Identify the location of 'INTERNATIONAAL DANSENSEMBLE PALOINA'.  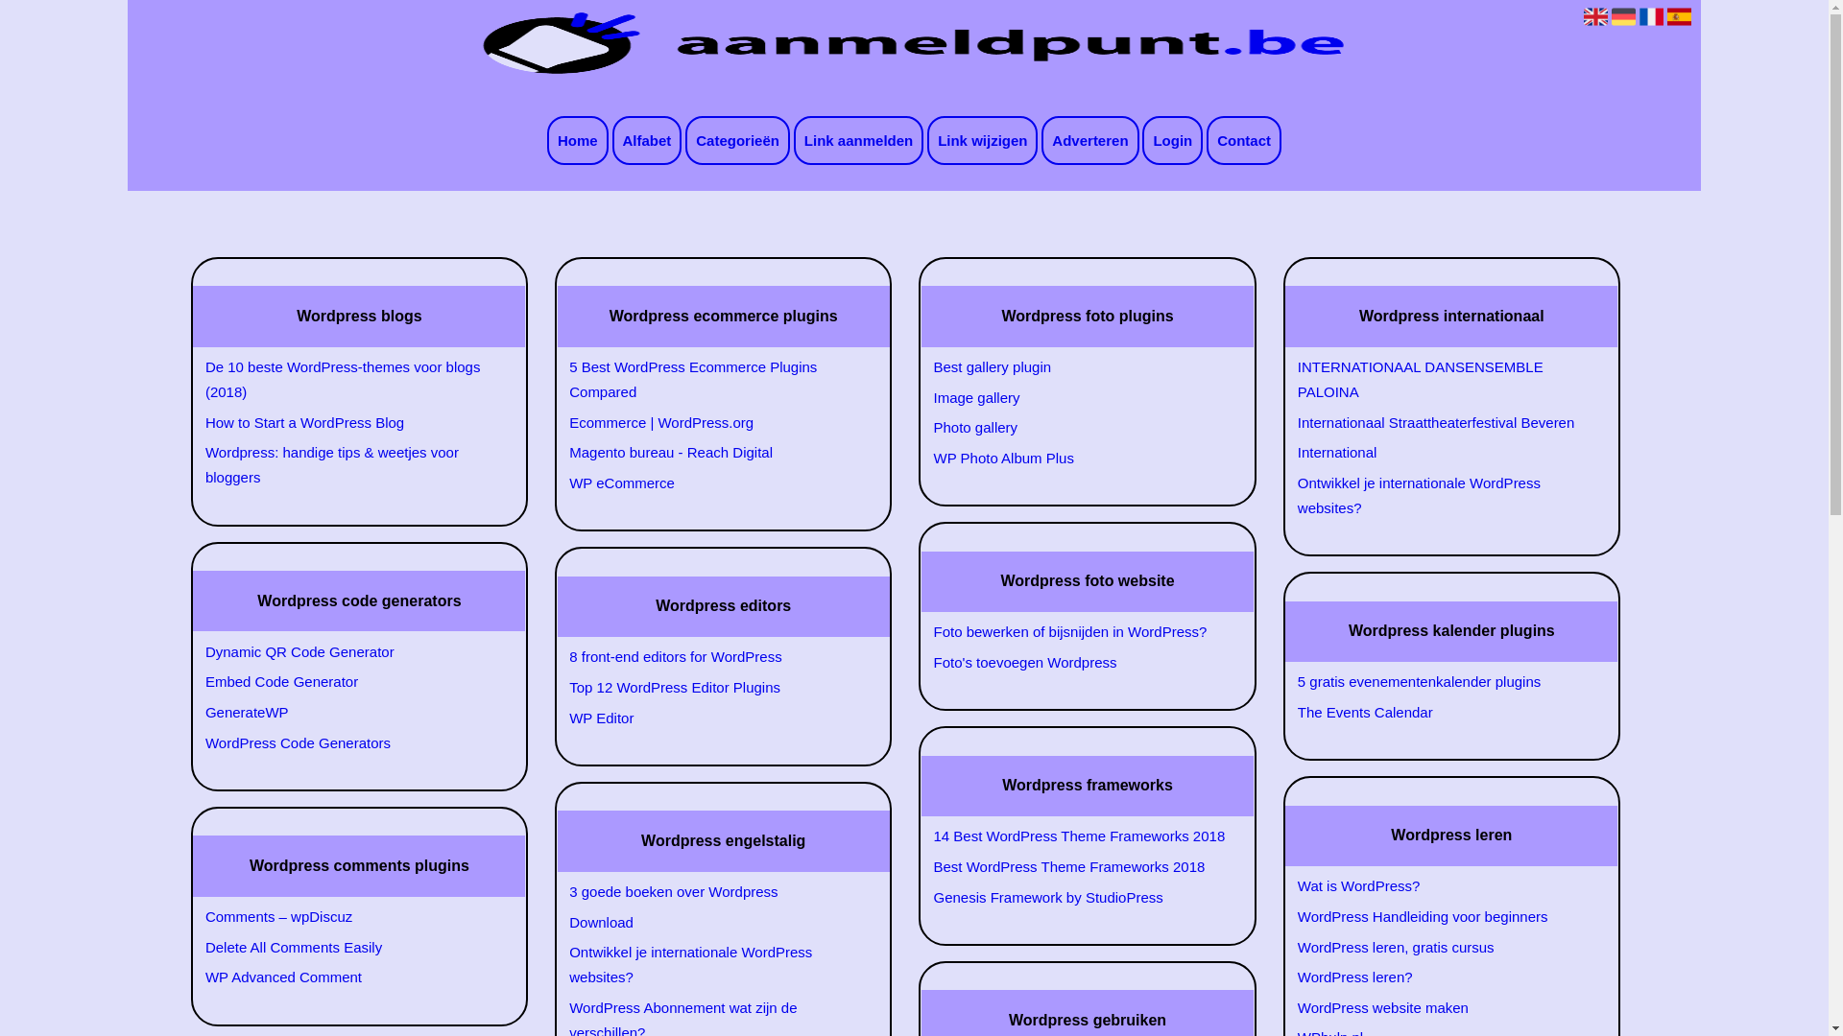
(1441, 380).